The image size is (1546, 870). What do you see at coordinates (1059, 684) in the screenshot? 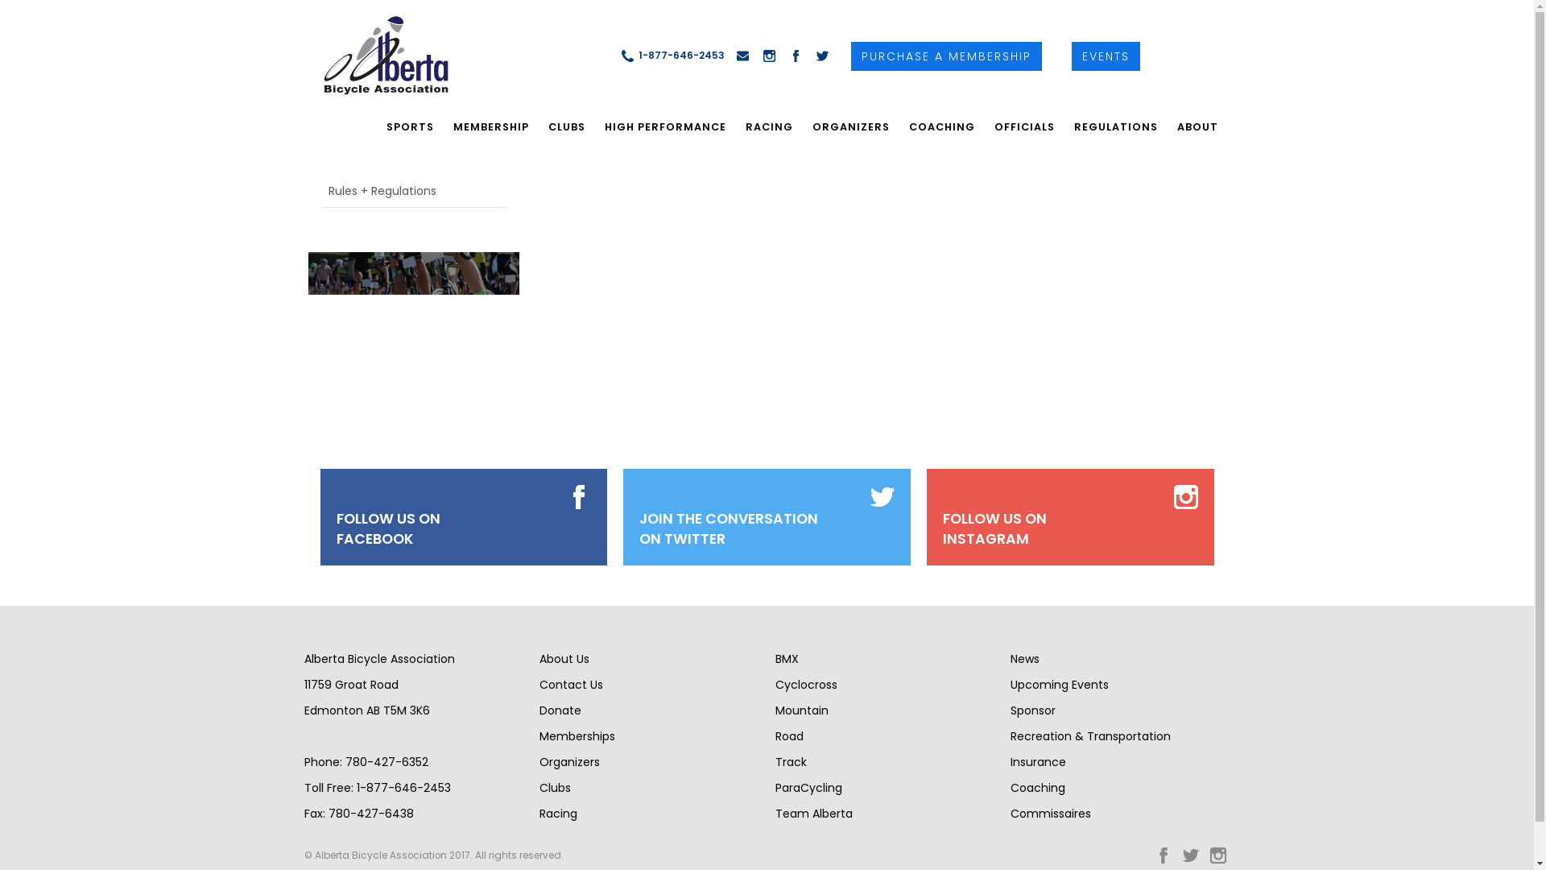
I see `'Upcoming Events'` at bounding box center [1059, 684].